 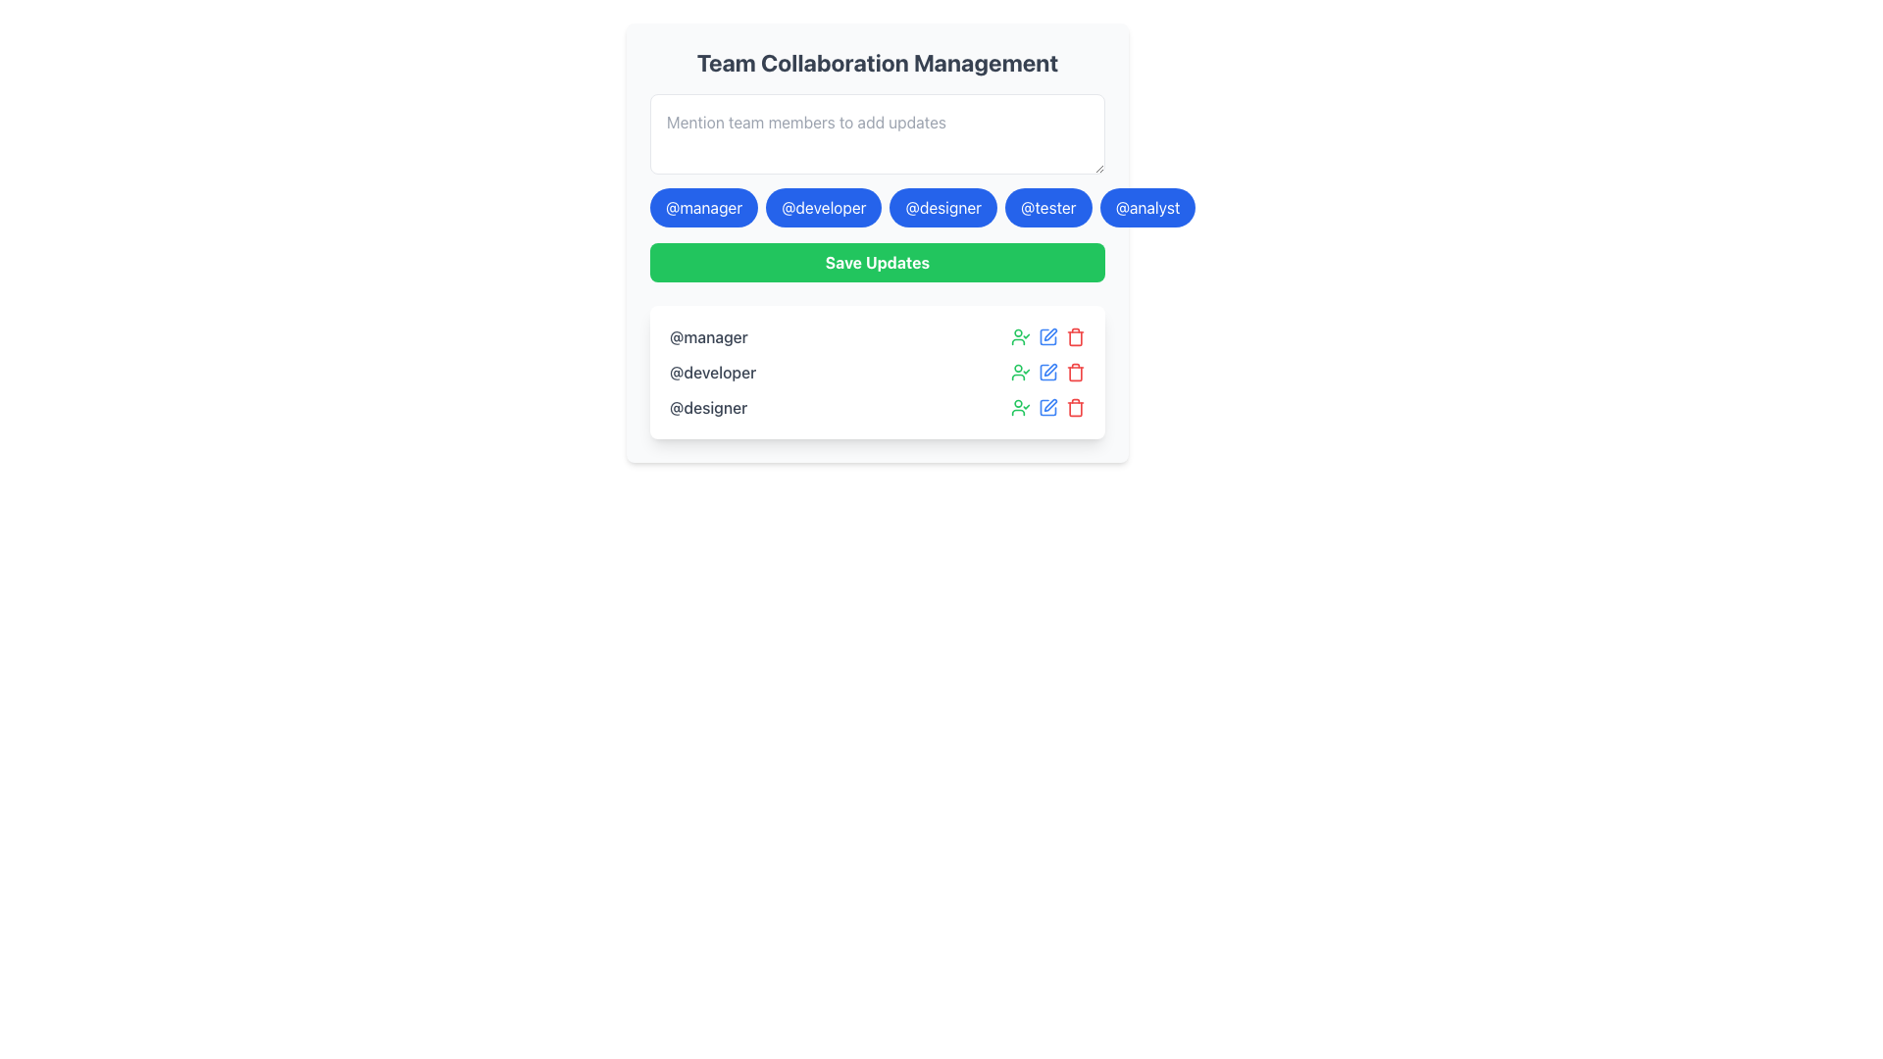 I want to click on the text input field located beneath the 'Team Collaboration Management' title for accessing the context menu, so click(x=876, y=133).